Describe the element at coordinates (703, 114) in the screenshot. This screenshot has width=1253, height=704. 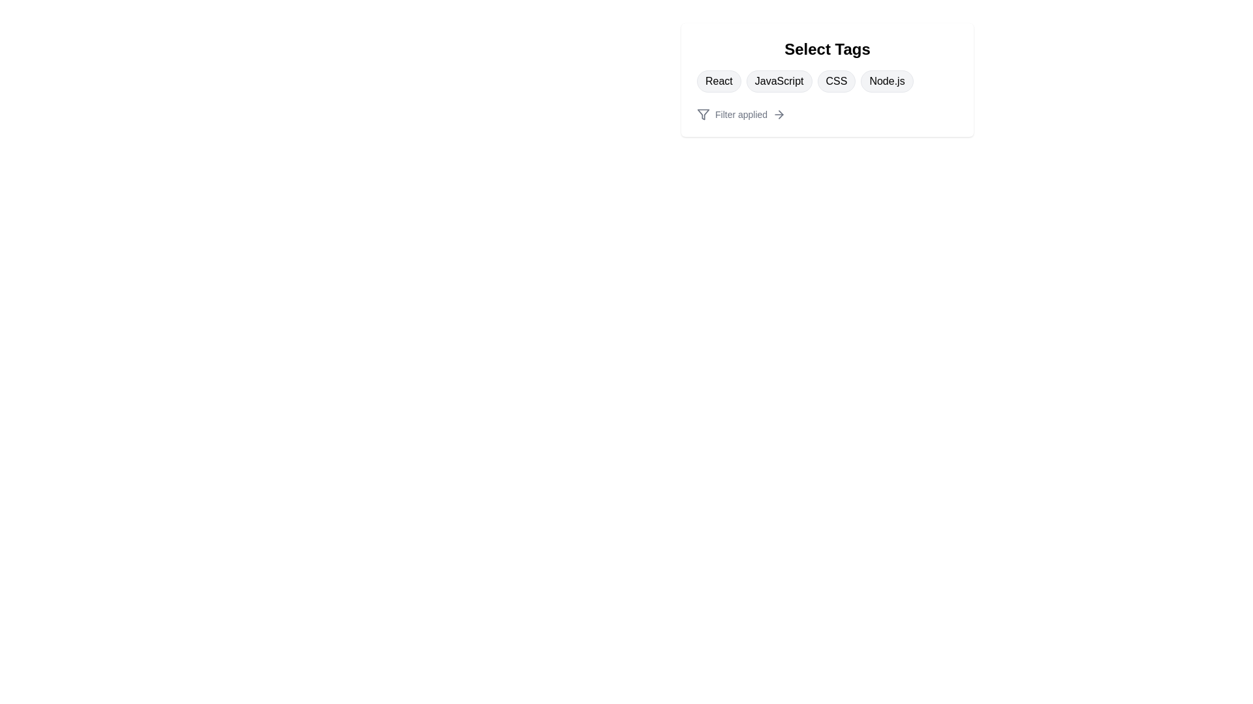
I see `the triangular-shaped filter icon with sharp edges located in the 'Select Tags' section at the top-right of the interface` at that location.